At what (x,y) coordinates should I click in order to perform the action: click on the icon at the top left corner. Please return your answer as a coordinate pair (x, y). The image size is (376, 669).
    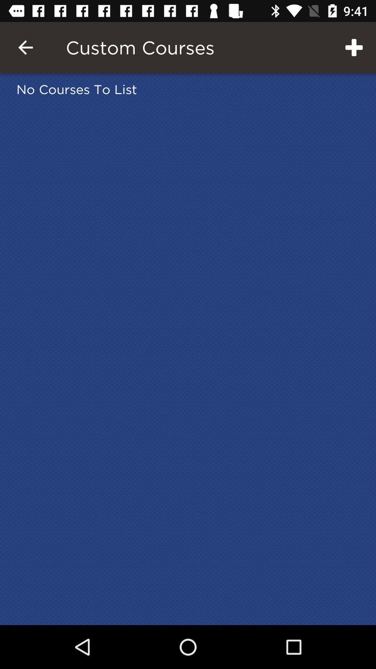
    Looking at the image, I should click on (25, 47).